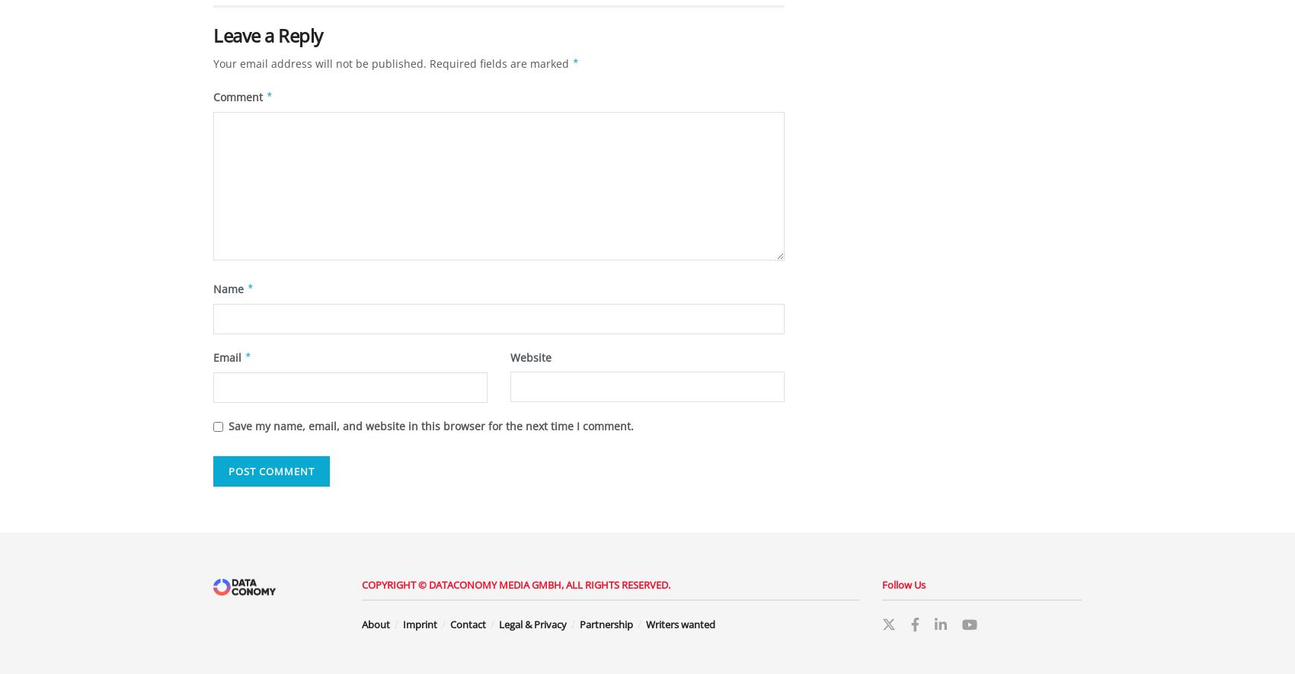 The image size is (1295, 674). I want to click on 'Imprint', so click(419, 623).